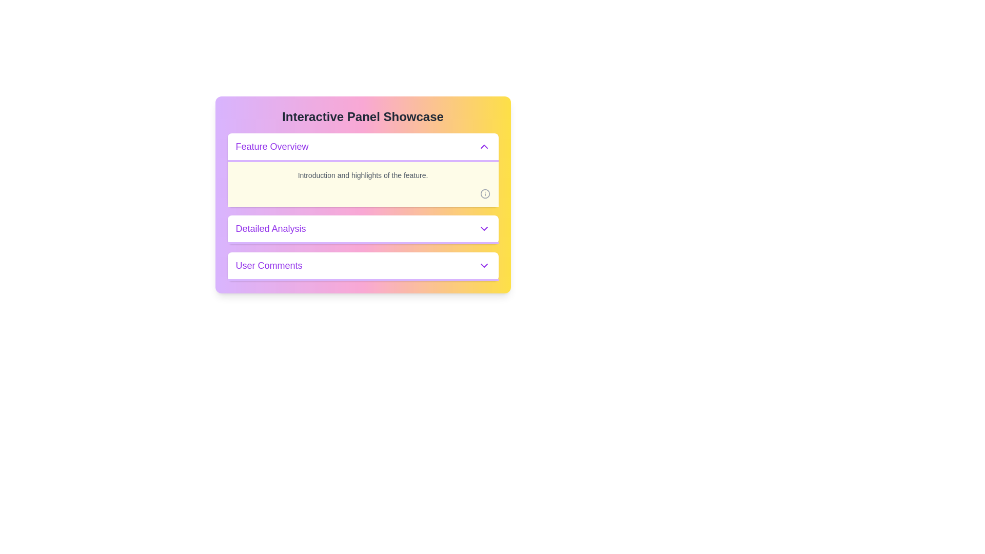 This screenshot has width=985, height=554. What do you see at coordinates (483, 146) in the screenshot?
I see `the upward-pointing chevron icon with a purple outline located to the right of the 'Feature Overview' section header` at bounding box center [483, 146].